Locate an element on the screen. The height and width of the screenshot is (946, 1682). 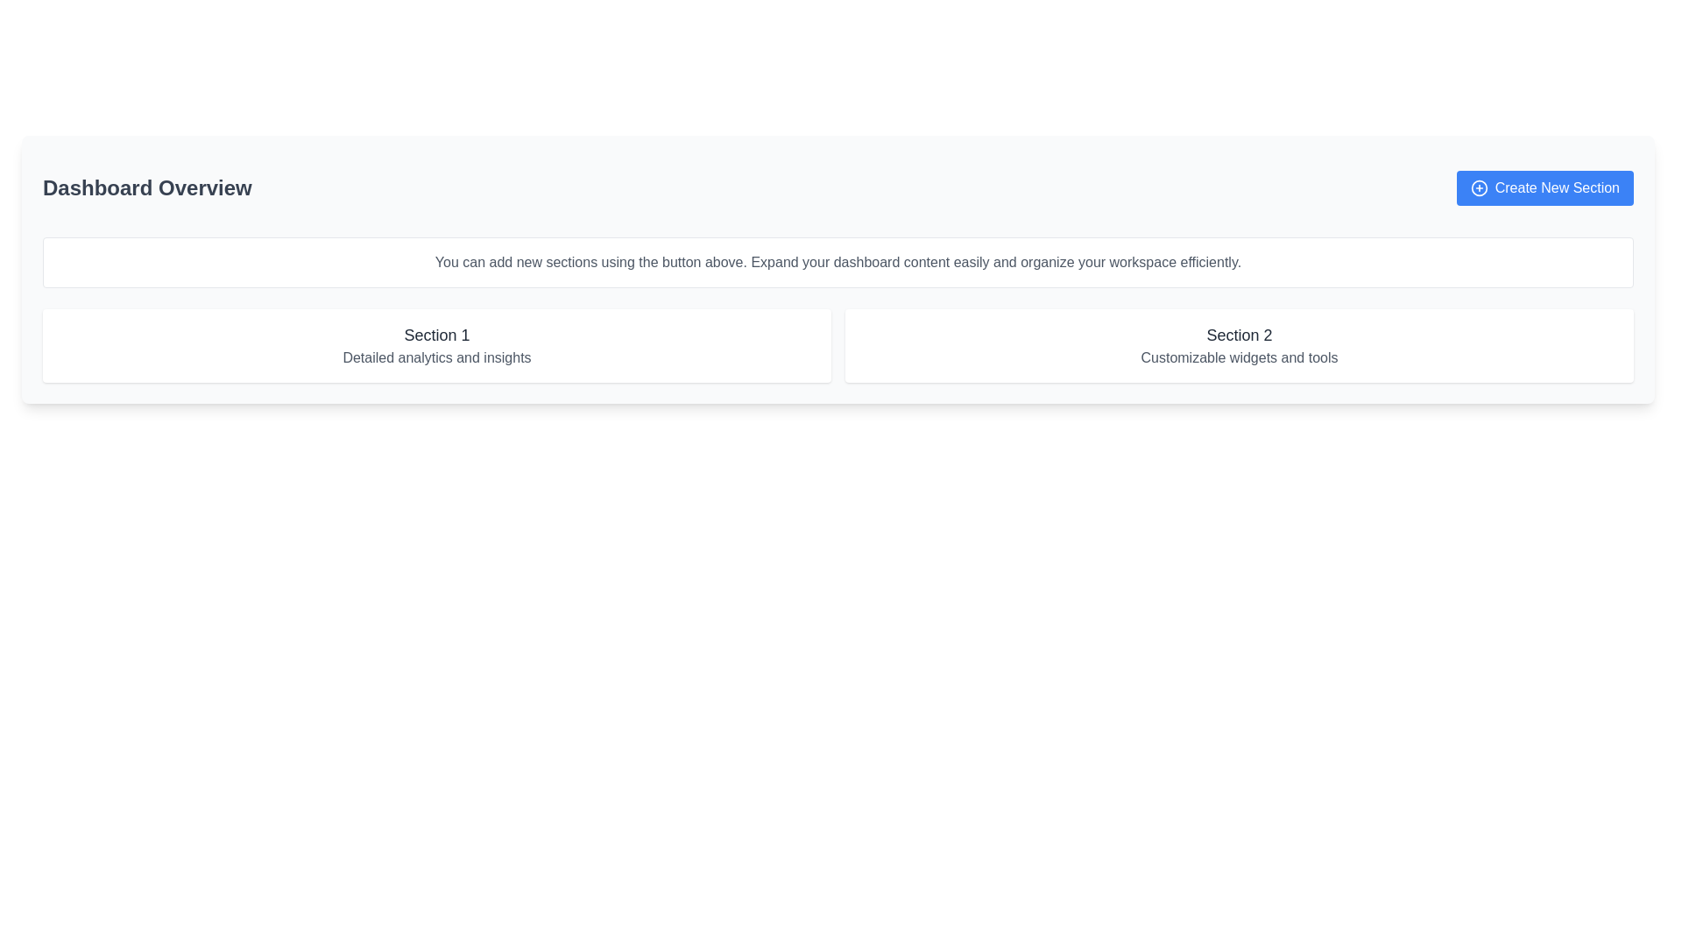
the text label within the 'Create New Section' button, which indicates its functionality for creating a new section in the application is located at coordinates (1557, 188).